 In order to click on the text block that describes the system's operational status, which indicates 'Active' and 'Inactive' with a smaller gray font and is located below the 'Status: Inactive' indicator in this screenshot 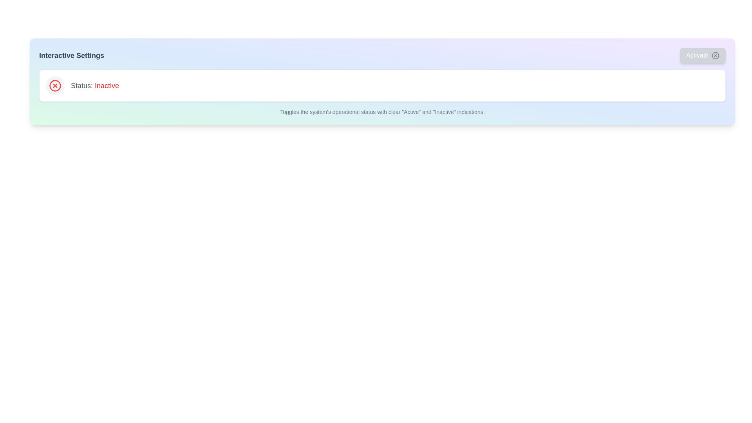, I will do `click(382, 112)`.